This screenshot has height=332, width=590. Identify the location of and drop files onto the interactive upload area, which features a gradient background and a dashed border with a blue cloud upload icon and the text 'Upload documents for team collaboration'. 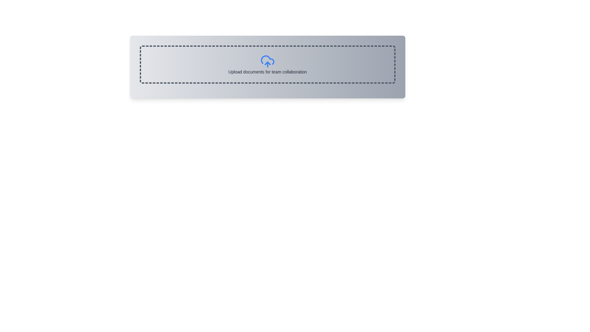
(267, 67).